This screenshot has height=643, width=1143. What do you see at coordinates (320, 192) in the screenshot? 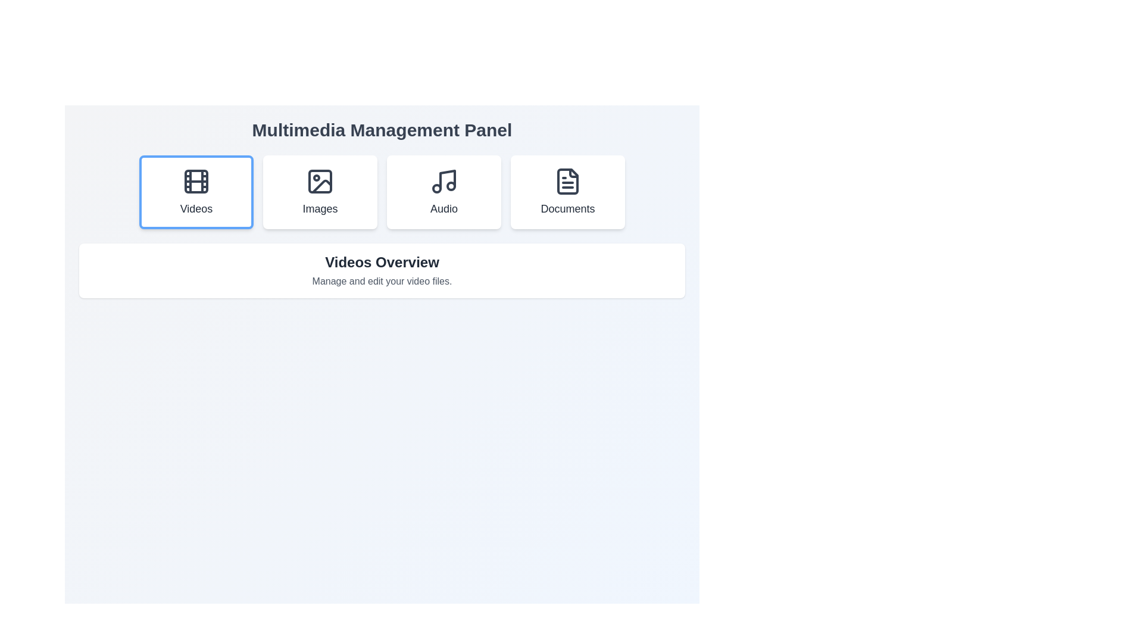
I see `the navigation button that accesses the Images section, which is the second card from the left in a grid of four cards, located between the 'Videos' and 'Audio' cards` at bounding box center [320, 192].